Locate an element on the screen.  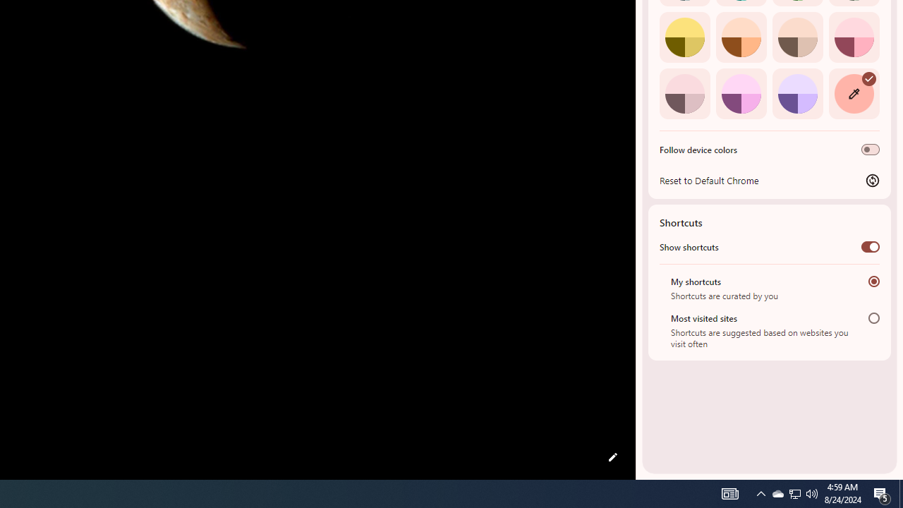
'Citron' is located at coordinates (684, 36).